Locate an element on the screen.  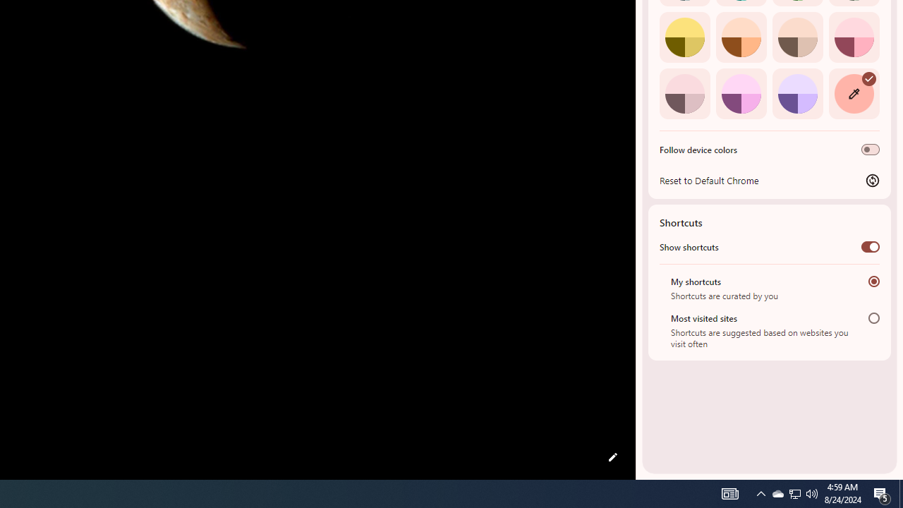
'Citron' is located at coordinates (684, 36).